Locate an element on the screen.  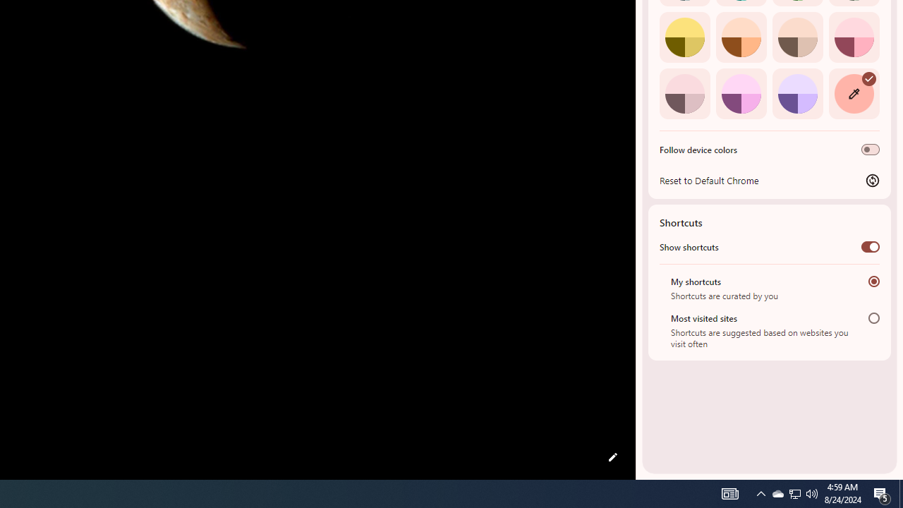
'Citron' is located at coordinates (684, 36).